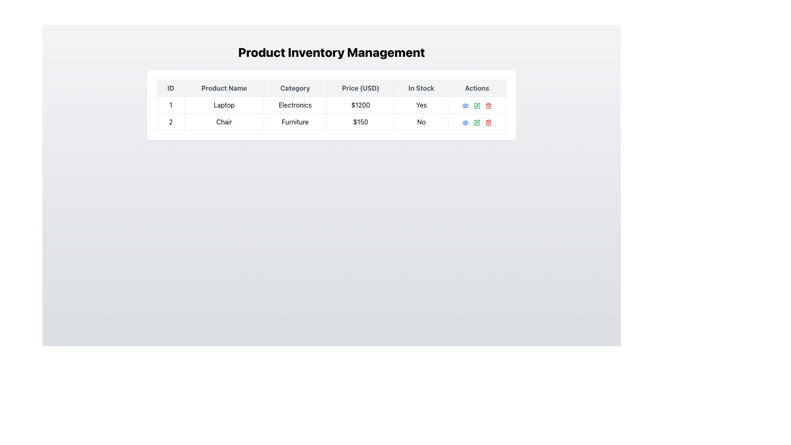  Describe the element at coordinates (332, 113) in the screenshot. I see `the first table row displaying values such as '1', 'Laptop', 'Electronics', '$1200', 'Yes'` at that location.